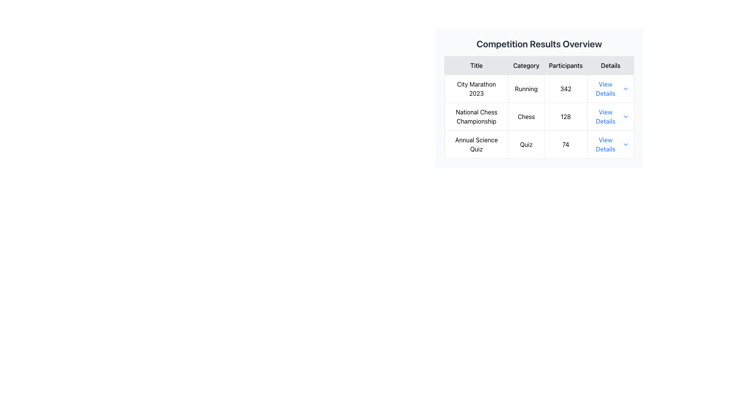 The height and width of the screenshot is (412, 733). I want to click on the static text label displaying 'Chess' in the 'Category' column of the table for the 'National Chess Championship' entry, so click(526, 116).